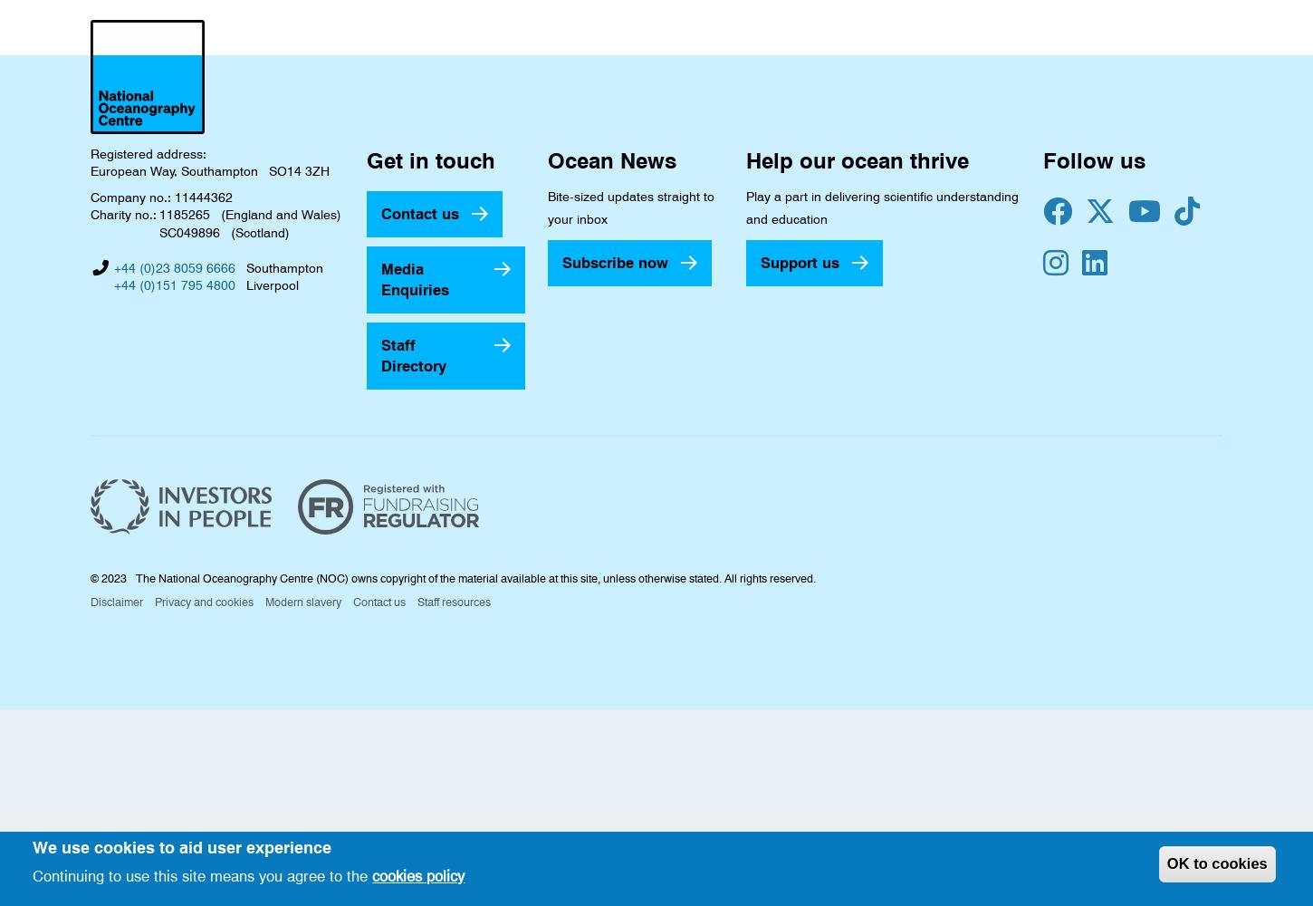  What do you see at coordinates (1215, 863) in the screenshot?
I see `'OK to cookies'` at bounding box center [1215, 863].